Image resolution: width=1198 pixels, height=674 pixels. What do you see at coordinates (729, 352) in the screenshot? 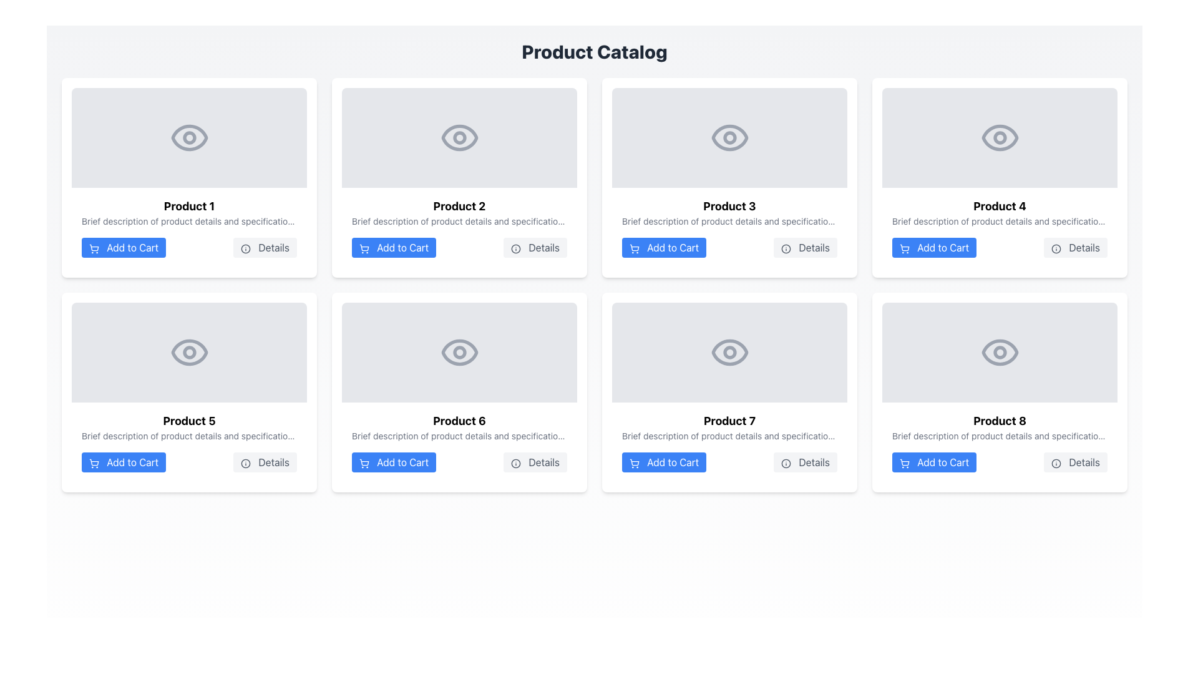
I see `the image placeholder graphic located in the fourth row and second column of the card layout, which visually represents the content above the title 'Product 7.'` at bounding box center [729, 352].